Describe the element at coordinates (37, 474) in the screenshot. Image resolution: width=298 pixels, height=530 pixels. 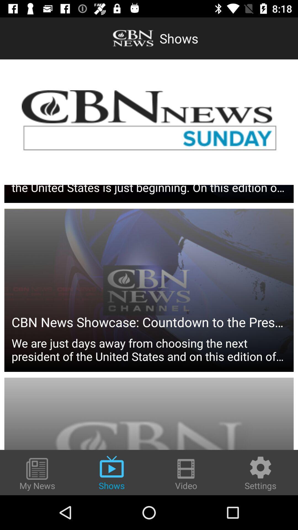
I see `my news` at that location.